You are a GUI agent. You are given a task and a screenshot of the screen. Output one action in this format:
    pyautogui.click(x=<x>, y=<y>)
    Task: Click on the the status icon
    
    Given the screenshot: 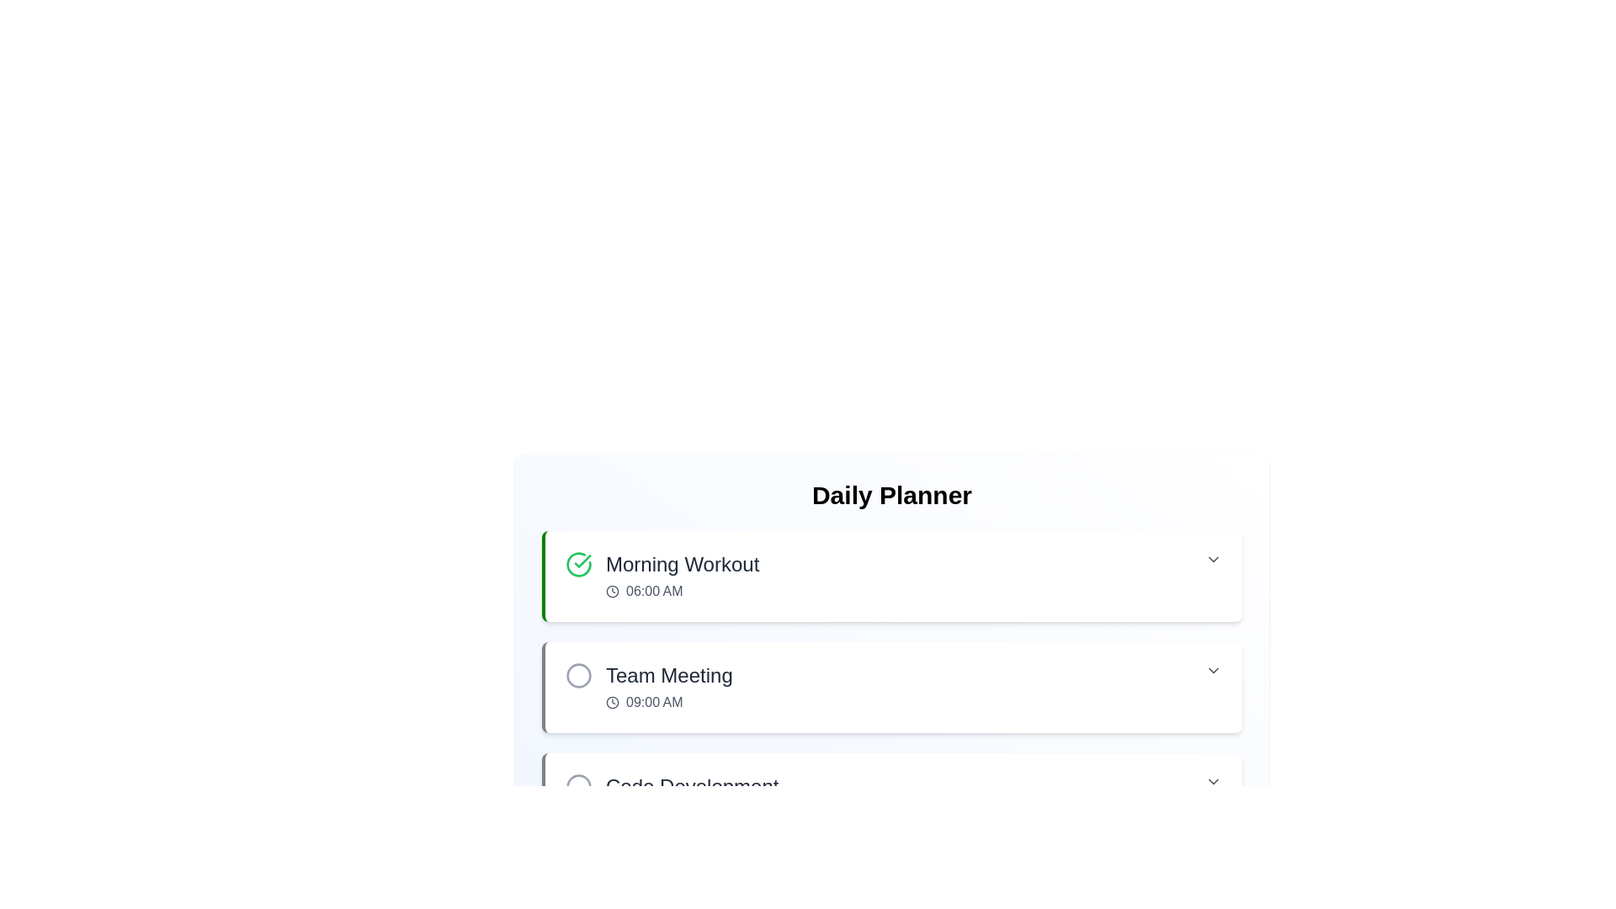 What is the action you would take?
    pyautogui.click(x=586, y=786)
    